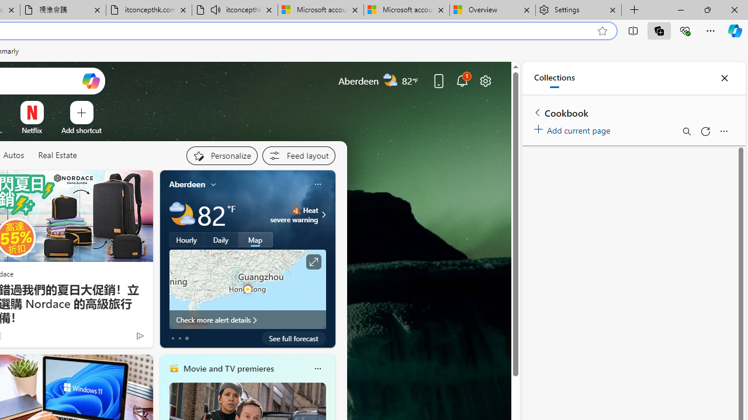 The height and width of the screenshot is (420, 748). Describe the element at coordinates (172, 338) in the screenshot. I see `'tab-0'` at that location.